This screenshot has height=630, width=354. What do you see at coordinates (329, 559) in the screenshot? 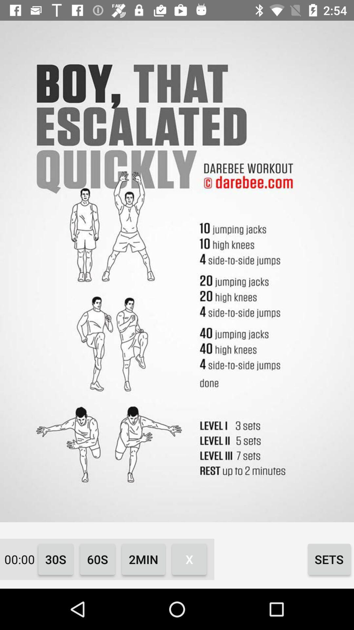
I see `the sets` at bounding box center [329, 559].